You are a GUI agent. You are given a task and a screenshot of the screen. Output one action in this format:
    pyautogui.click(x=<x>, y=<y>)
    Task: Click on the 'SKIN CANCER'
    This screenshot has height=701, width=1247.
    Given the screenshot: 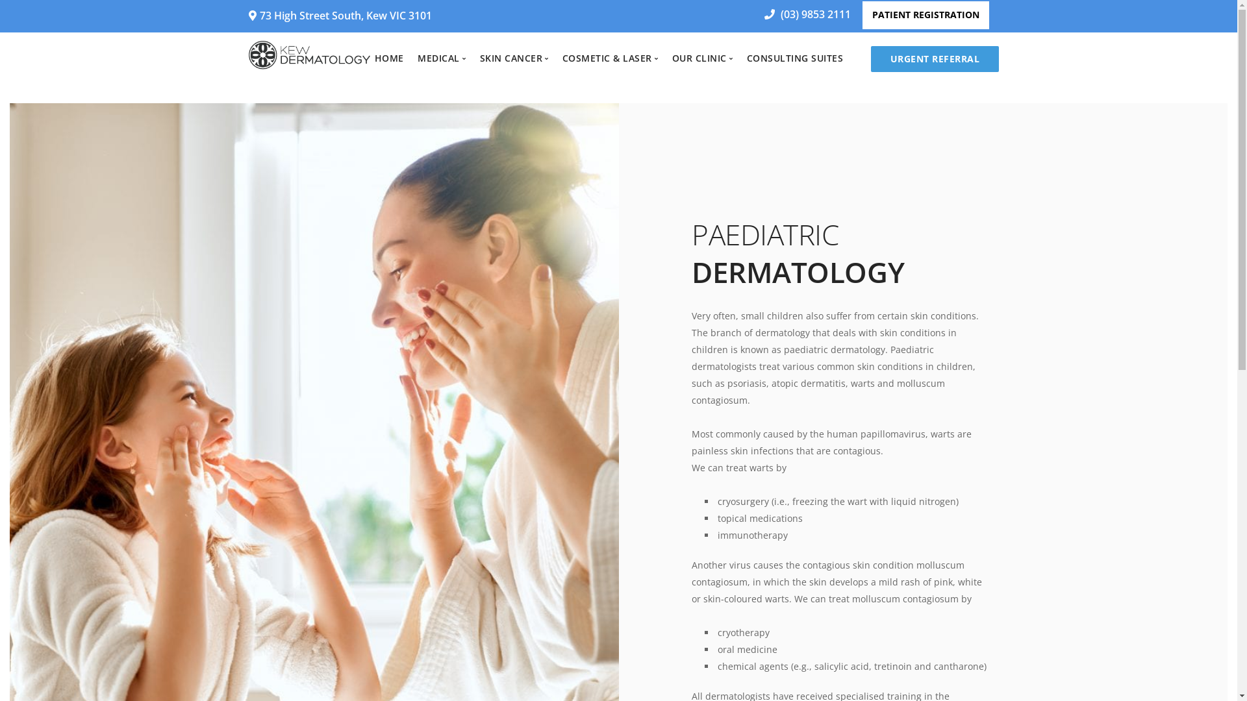 What is the action you would take?
    pyautogui.click(x=479, y=57)
    